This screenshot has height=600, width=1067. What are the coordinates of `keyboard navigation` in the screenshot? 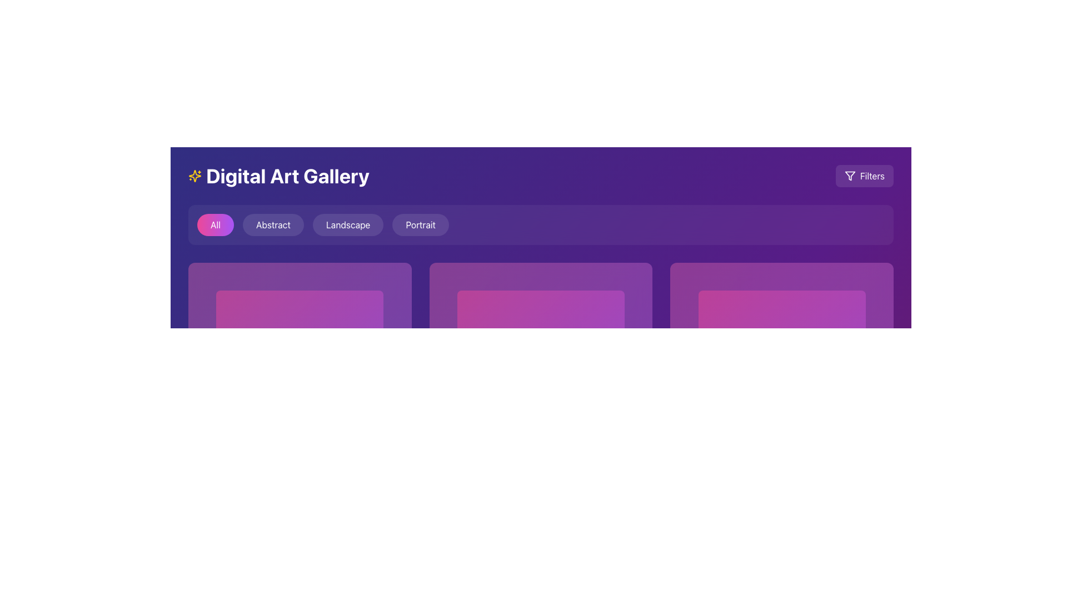 It's located at (273, 225).